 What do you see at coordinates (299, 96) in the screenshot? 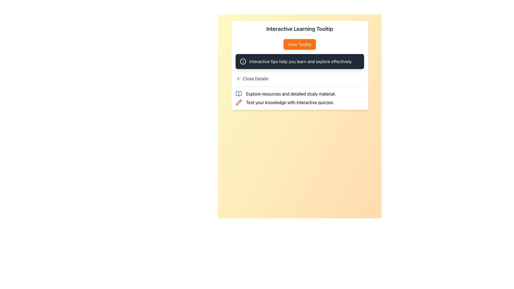
I see `the Informational Text Section with Icons located below the title 'Close Details' to read the detailed content` at bounding box center [299, 96].